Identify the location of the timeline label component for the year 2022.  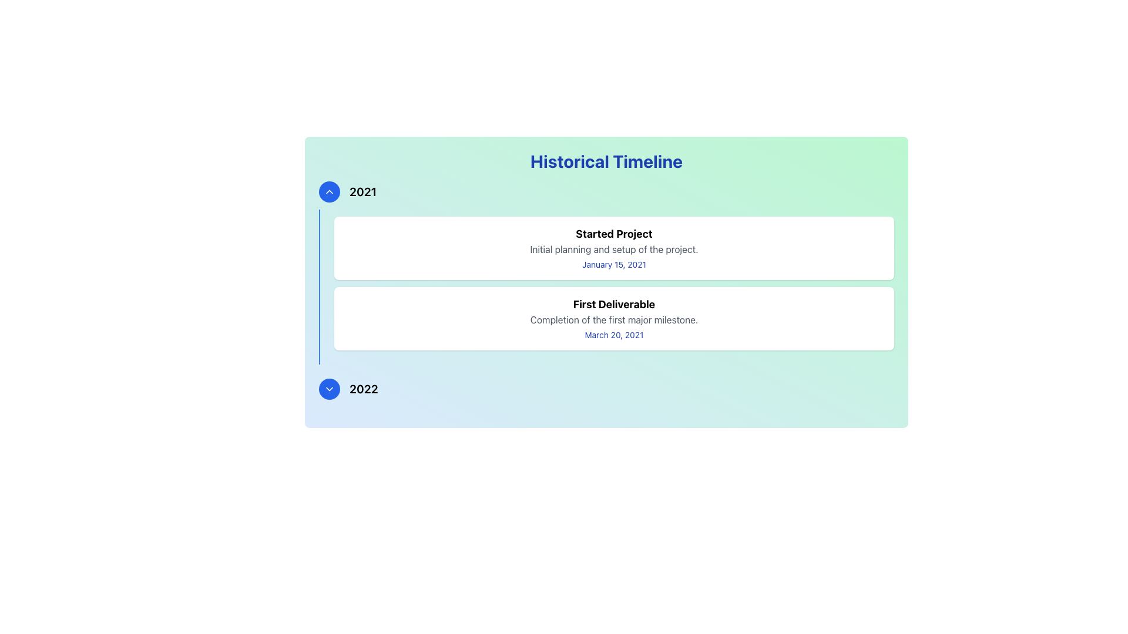
(606, 389).